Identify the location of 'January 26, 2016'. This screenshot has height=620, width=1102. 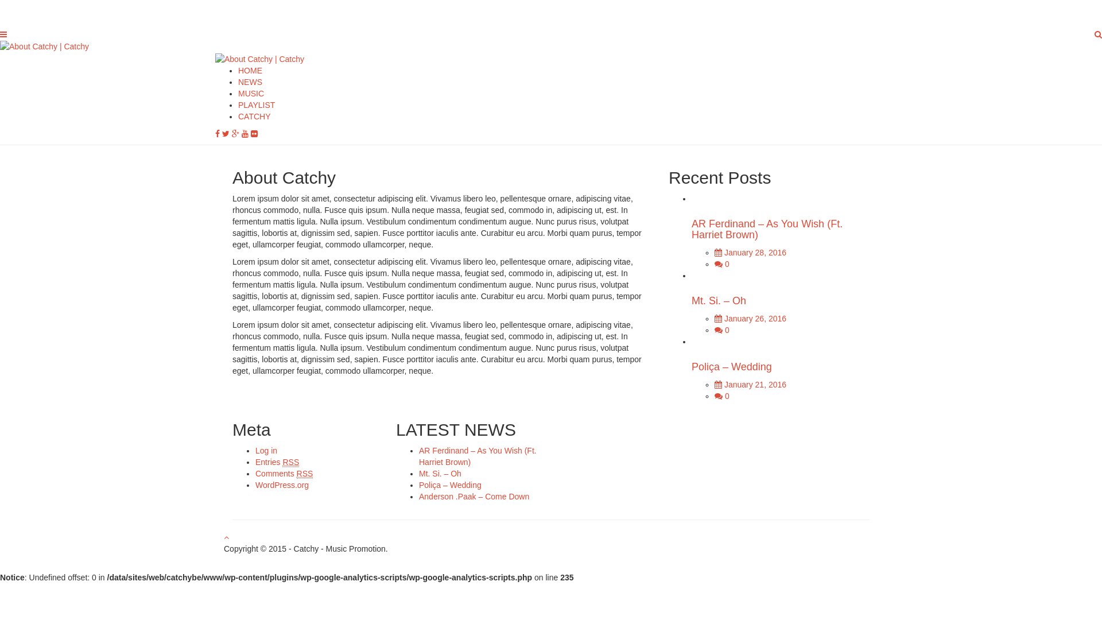
(750, 319).